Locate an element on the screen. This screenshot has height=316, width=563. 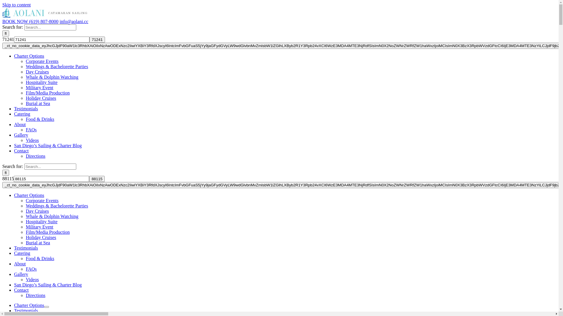
'Skip to content' is located at coordinates (16, 5).